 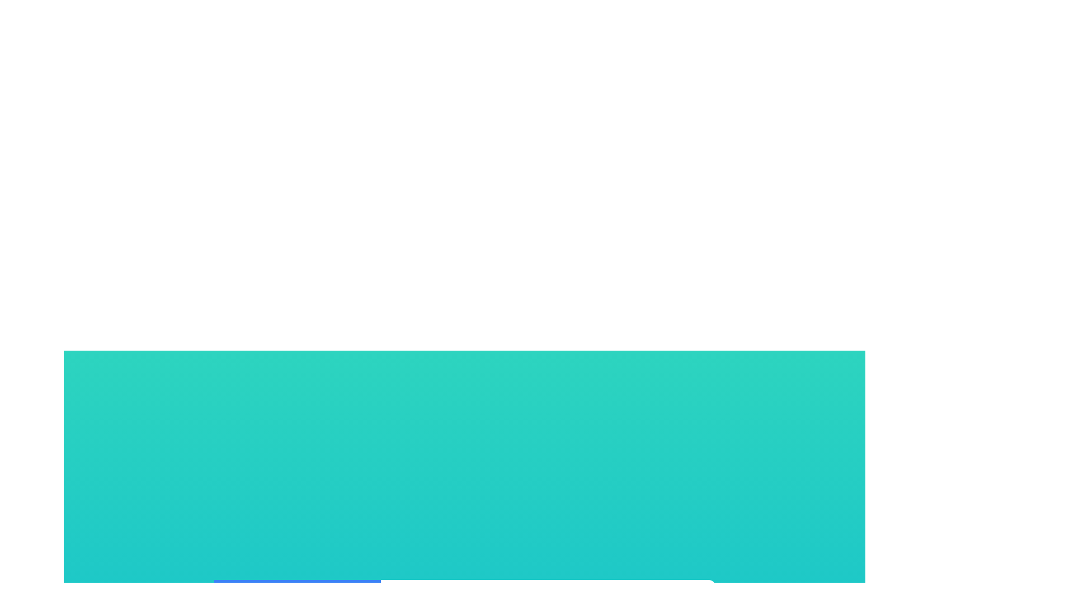 What do you see at coordinates (297, 596) in the screenshot?
I see `the tab labeled Profile` at bounding box center [297, 596].